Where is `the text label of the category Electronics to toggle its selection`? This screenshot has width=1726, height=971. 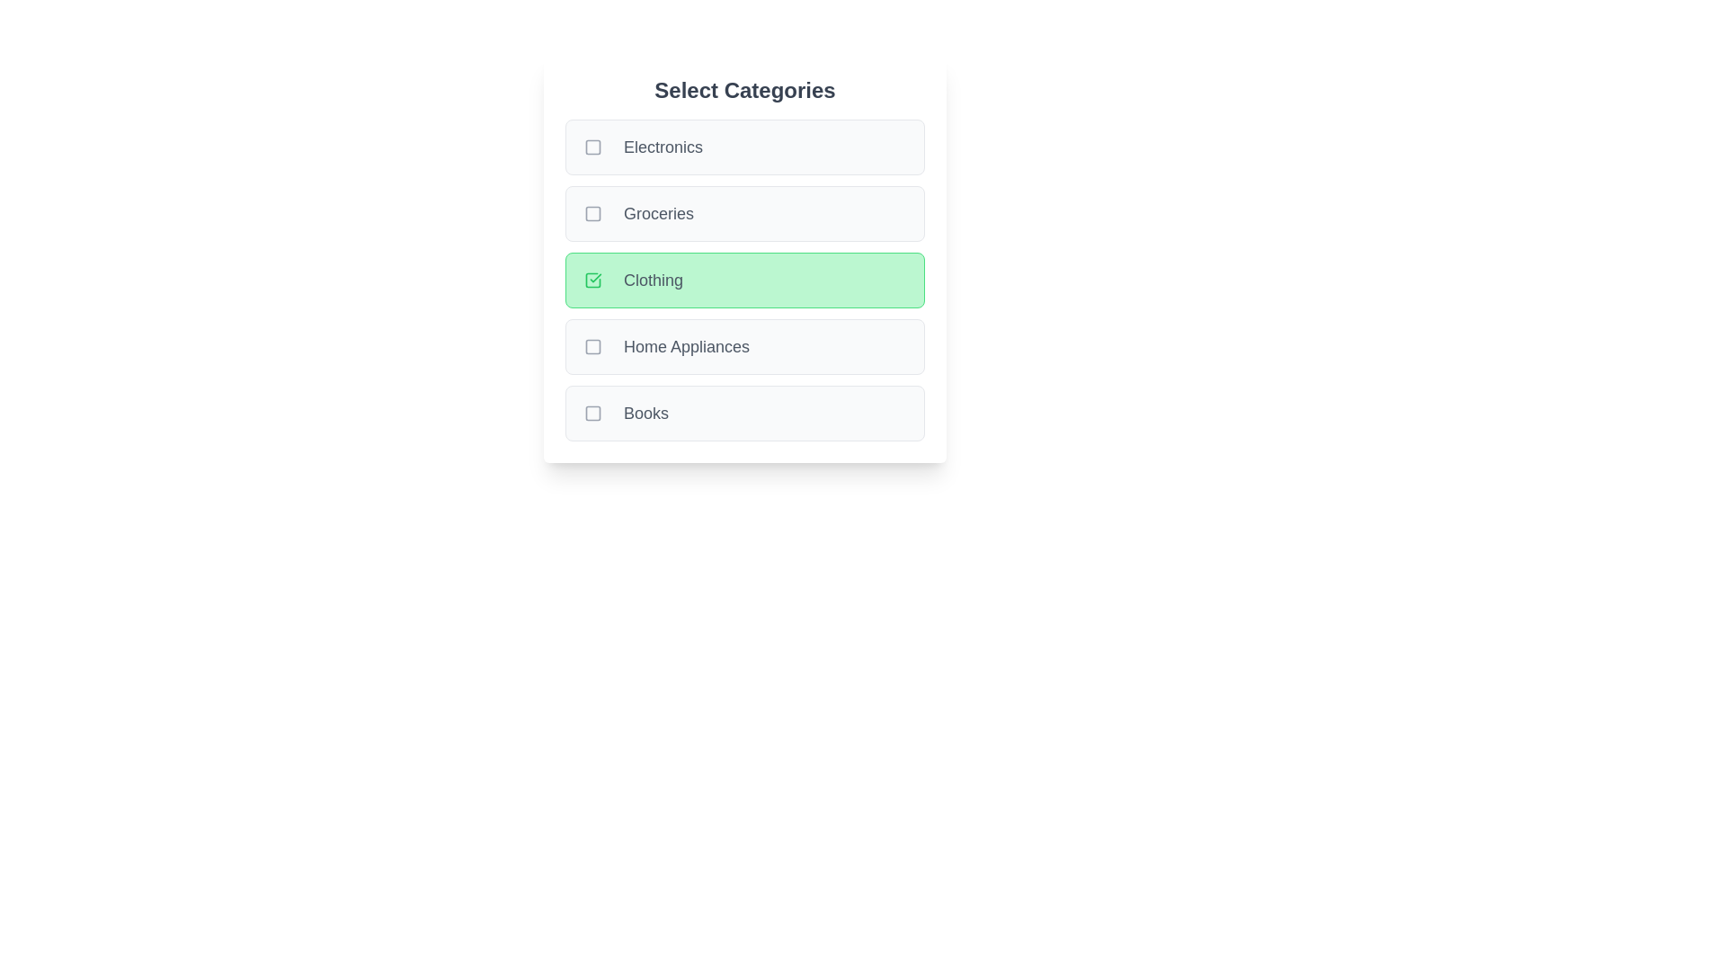 the text label of the category Electronics to toggle its selection is located at coordinates (663, 147).